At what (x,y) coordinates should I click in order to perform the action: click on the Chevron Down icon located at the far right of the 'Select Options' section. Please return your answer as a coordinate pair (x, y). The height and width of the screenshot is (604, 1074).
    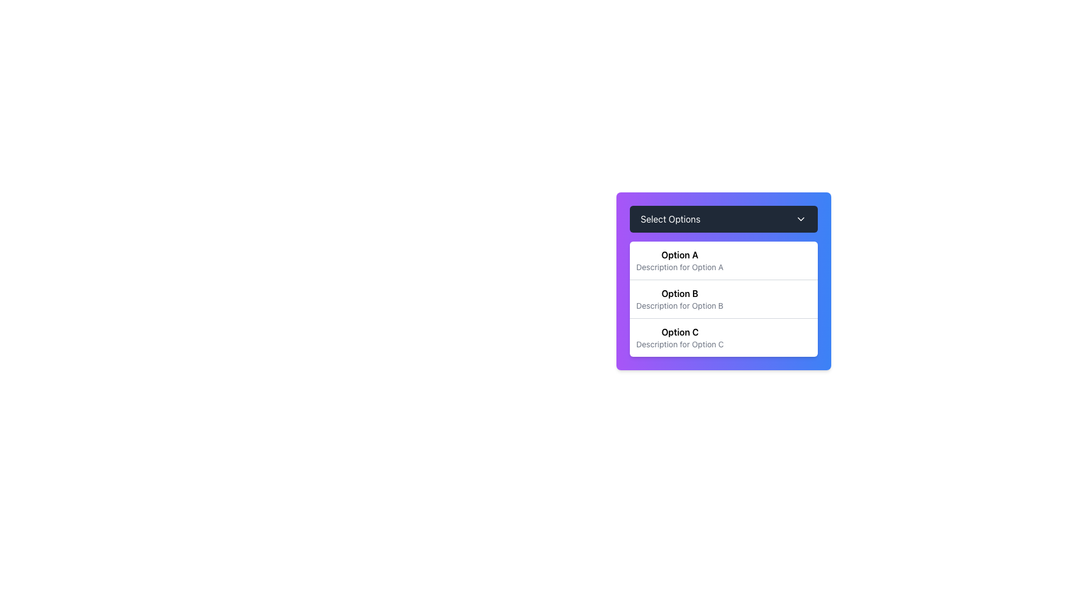
    Looking at the image, I should click on (800, 219).